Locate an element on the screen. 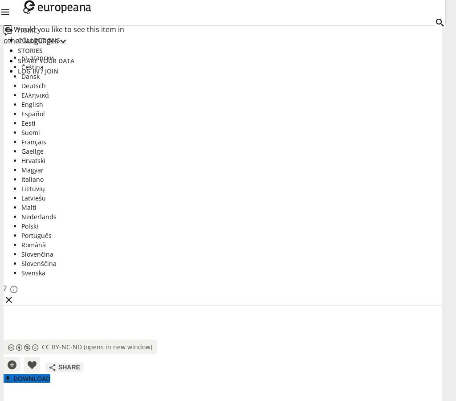  'Gaeilge' is located at coordinates (32, 151).